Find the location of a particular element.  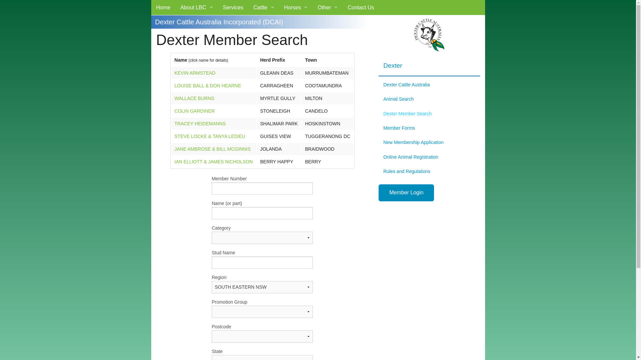

'Miniature Pony' is located at coordinates (295, 22).